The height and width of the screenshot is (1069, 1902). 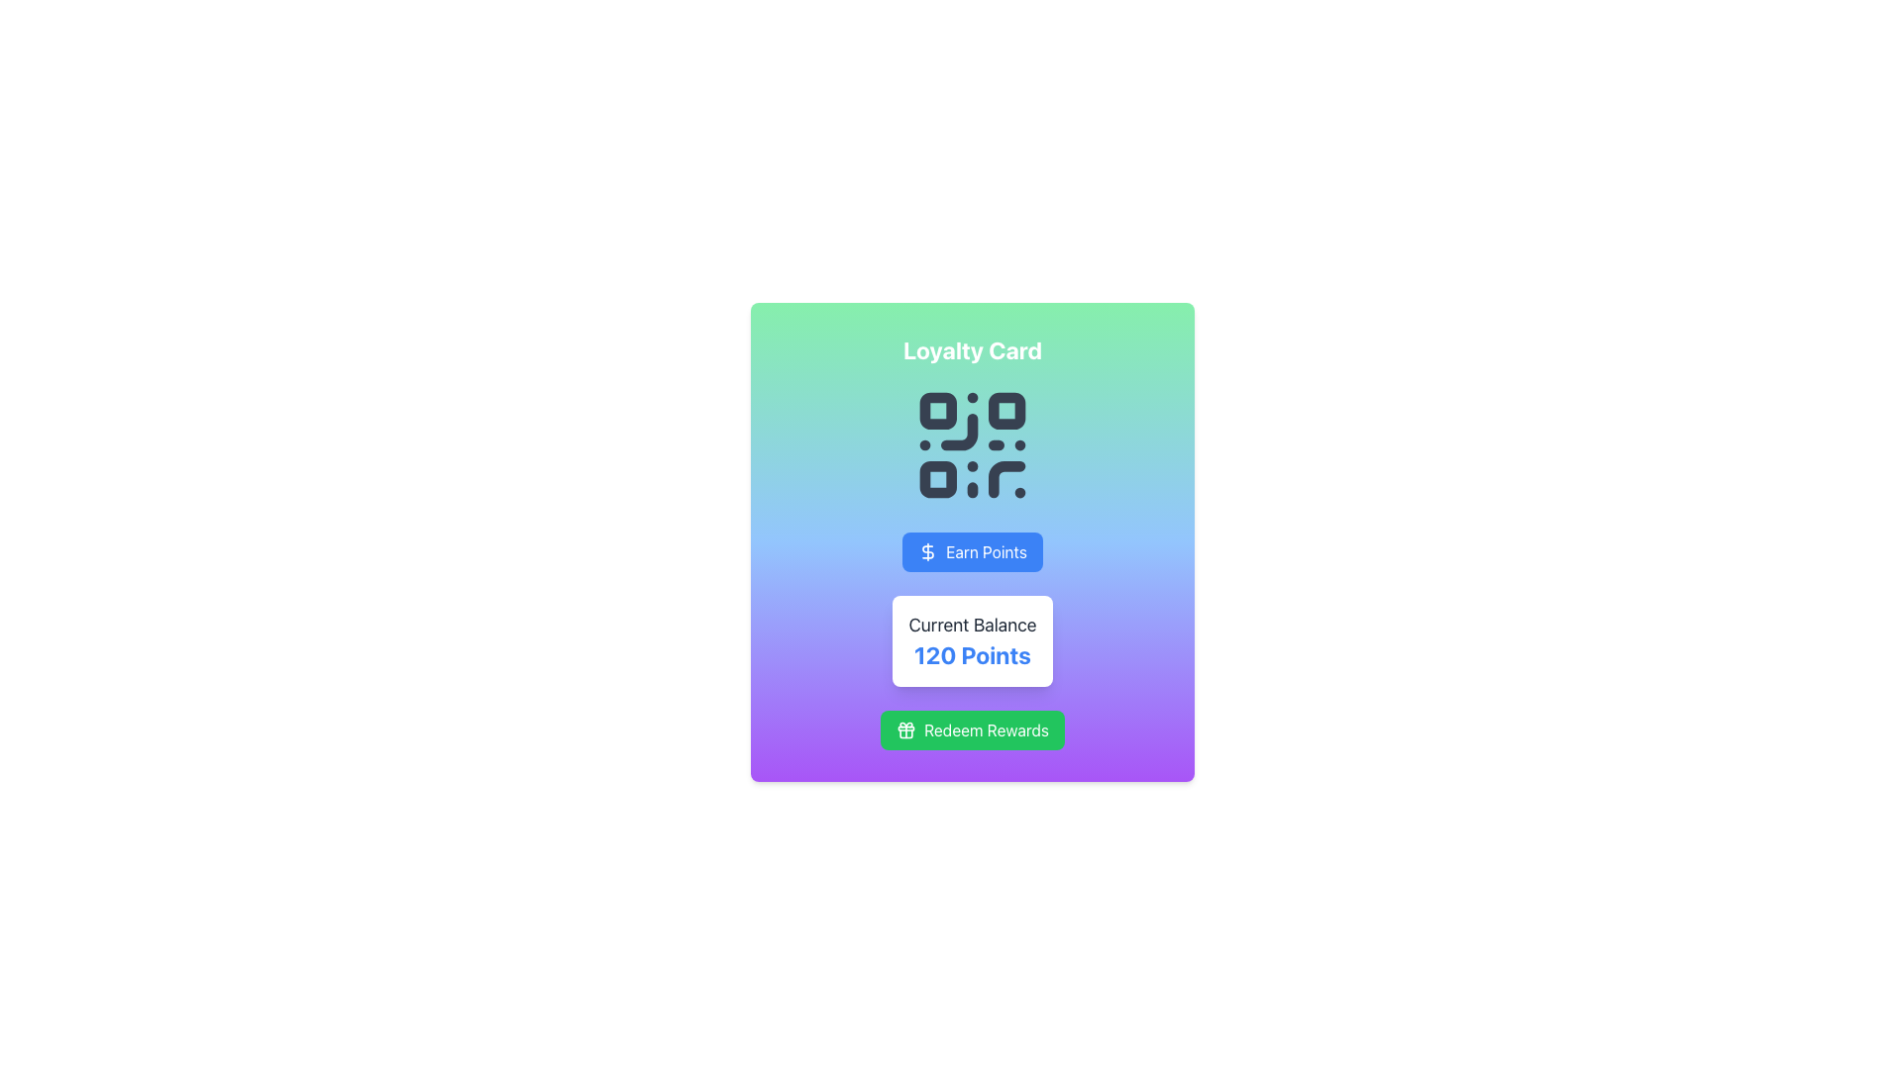 What do you see at coordinates (973, 729) in the screenshot?
I see `the rewards redemption button located below the 'Current Balance' section` at bounding box center [973, 729].